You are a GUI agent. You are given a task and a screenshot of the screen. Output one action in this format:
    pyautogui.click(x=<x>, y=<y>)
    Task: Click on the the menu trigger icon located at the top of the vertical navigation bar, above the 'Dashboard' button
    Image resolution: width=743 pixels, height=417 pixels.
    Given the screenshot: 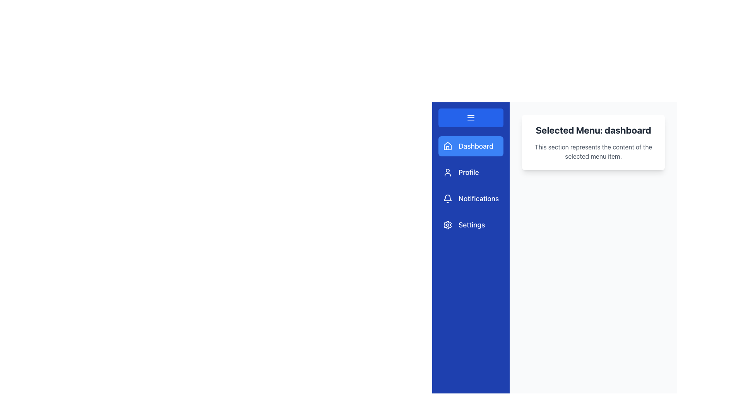 What is the action you would take?
    pyautogui.click(x=471, y=117)
    